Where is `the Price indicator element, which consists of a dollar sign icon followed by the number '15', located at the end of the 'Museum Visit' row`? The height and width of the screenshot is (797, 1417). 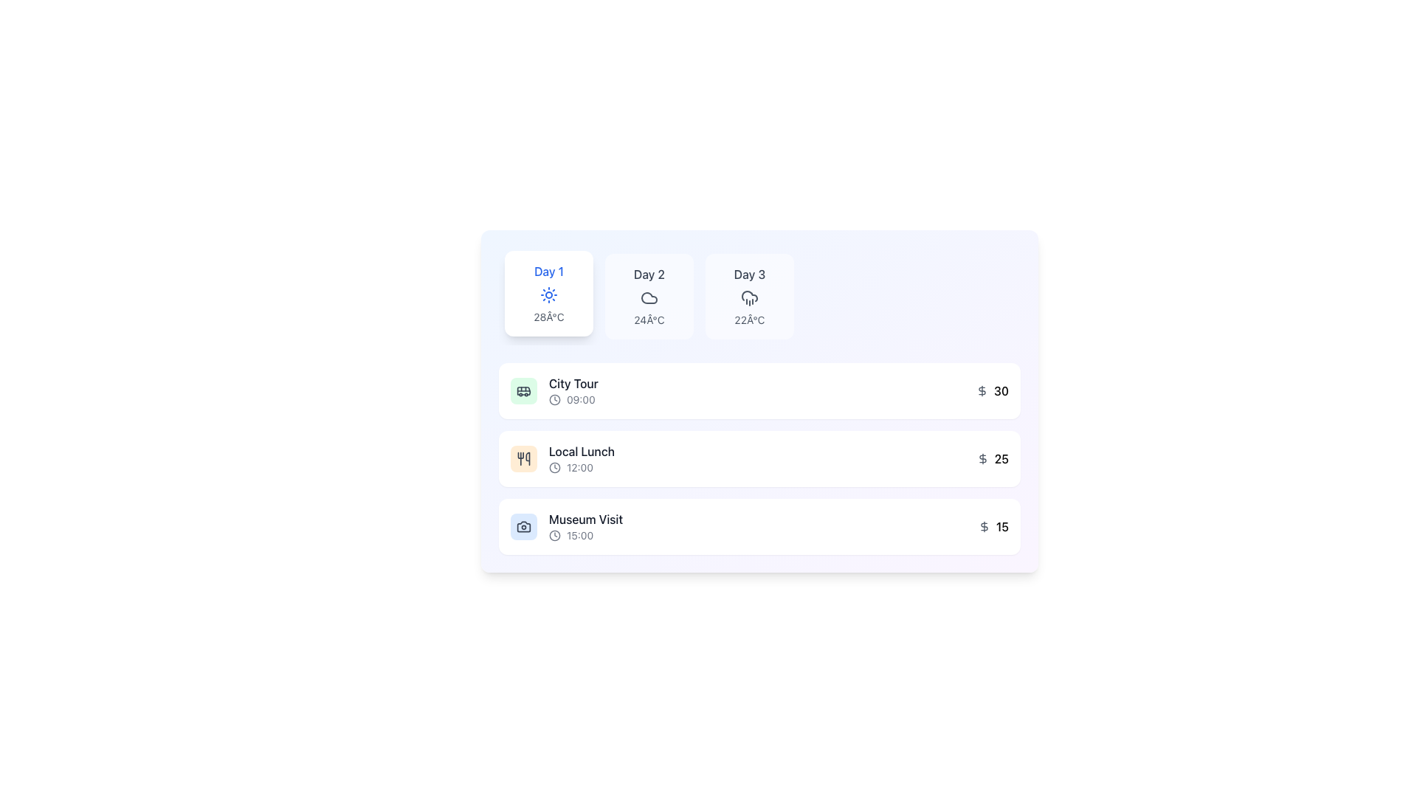
the Price indicator element, which consists of a dollar sign icon followed by the number '15', located at the end of the 'Museum Visit' row is located at coordinates (993, 525).